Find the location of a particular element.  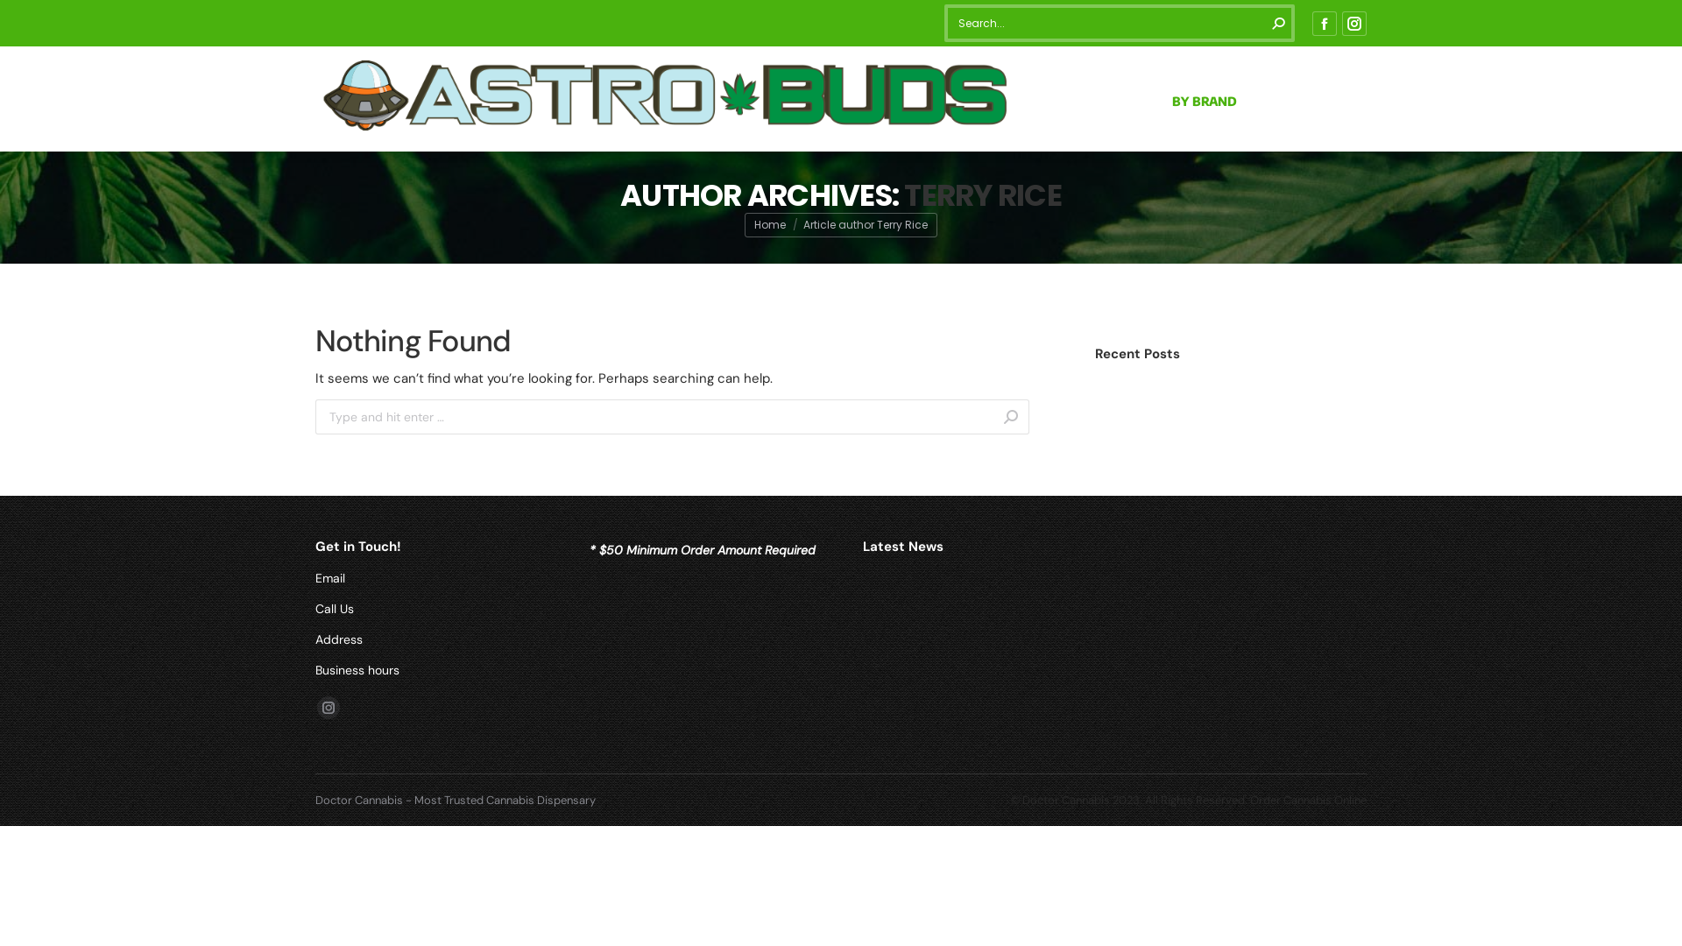

'Facebook page opens in new window' is located at coordinates (1311, 23).